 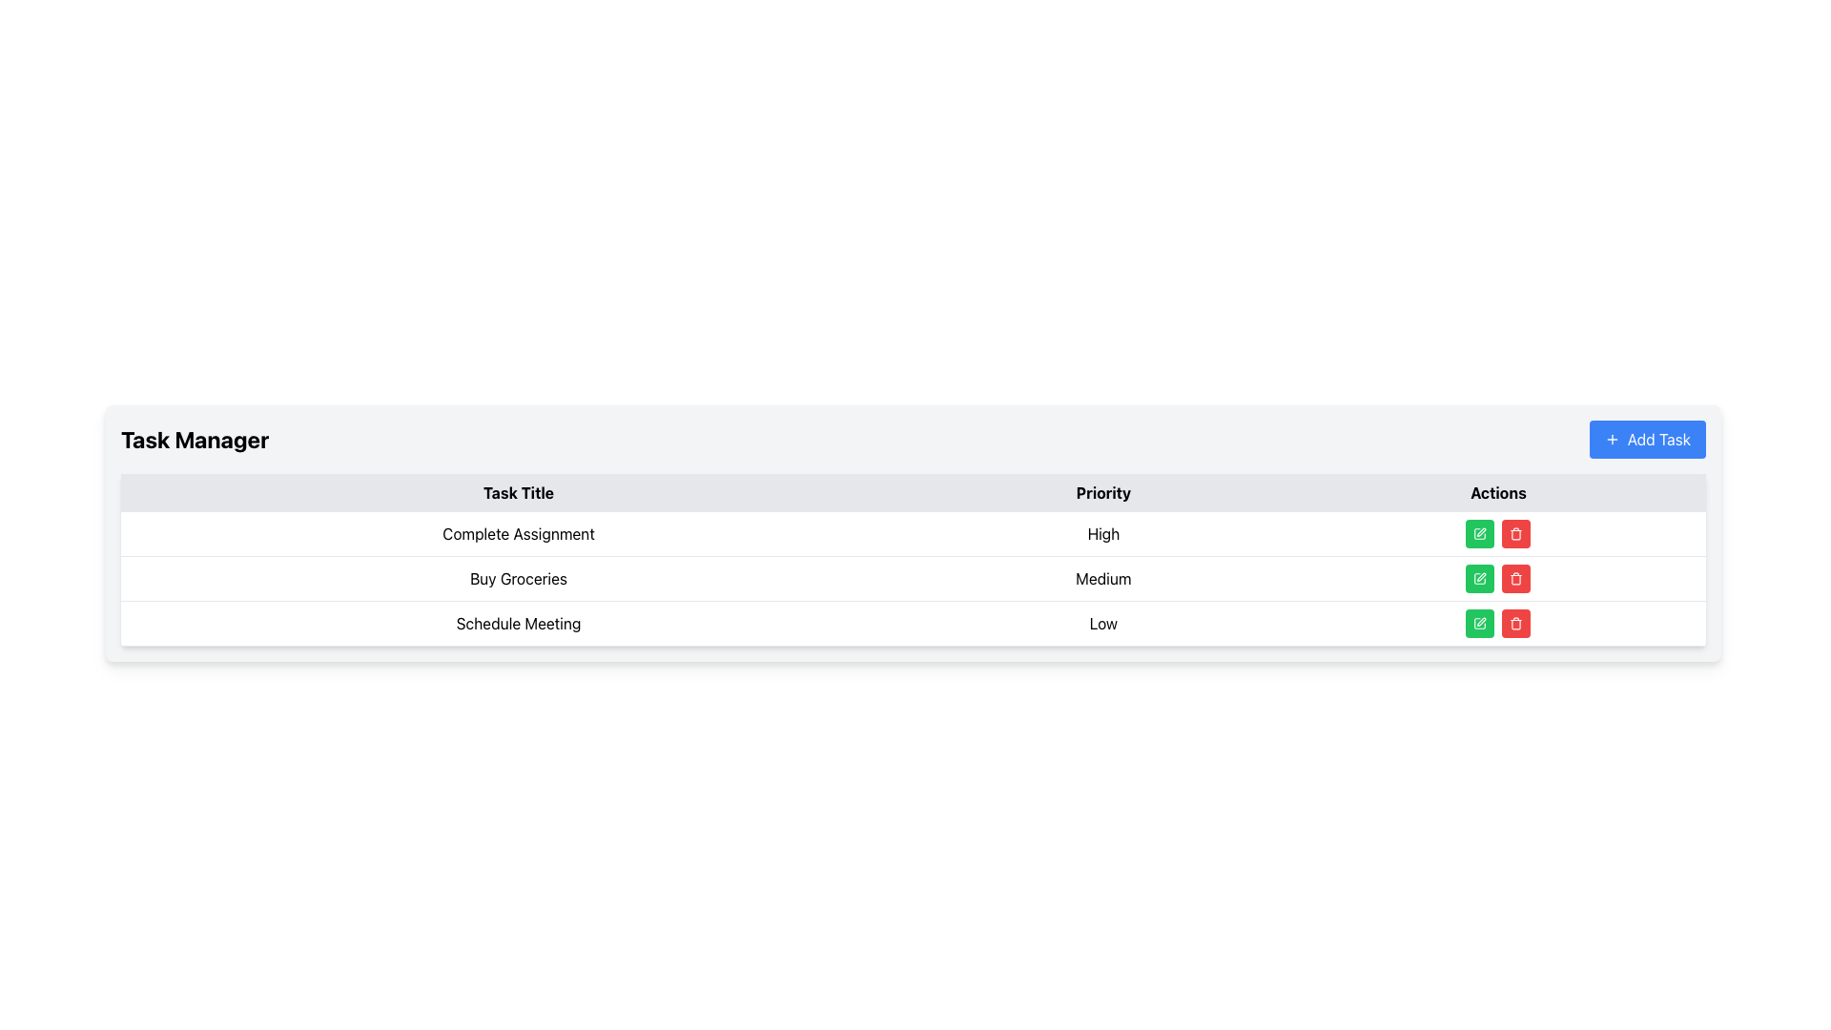 I want to click on the trash can icon within the delete button located in the 'Actions' column of the last row in the table, so click(x=1515, y=625).